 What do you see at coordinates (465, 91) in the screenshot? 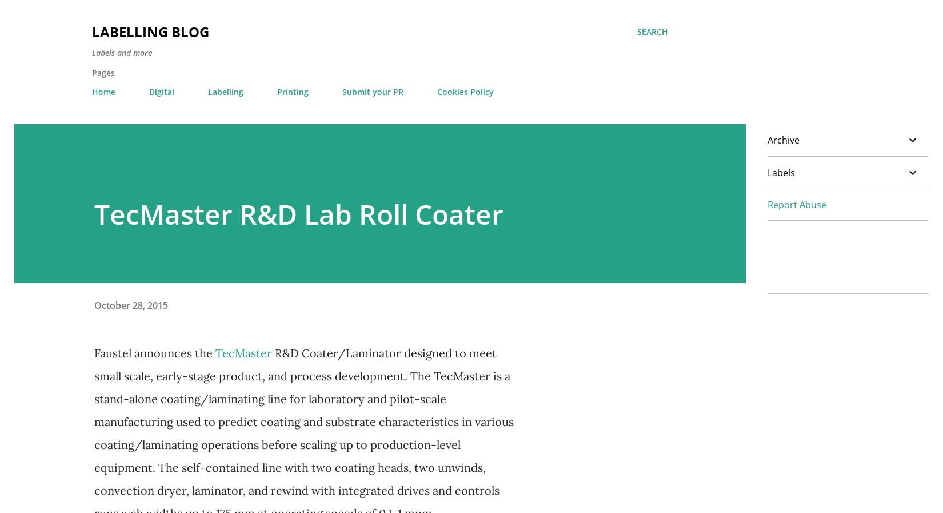
I see `'Cookies Policy'` at bounding box center [465, 91].